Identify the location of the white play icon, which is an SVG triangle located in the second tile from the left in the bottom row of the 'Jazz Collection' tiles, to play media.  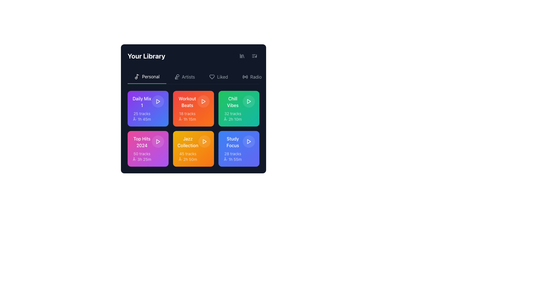
(204, 141).